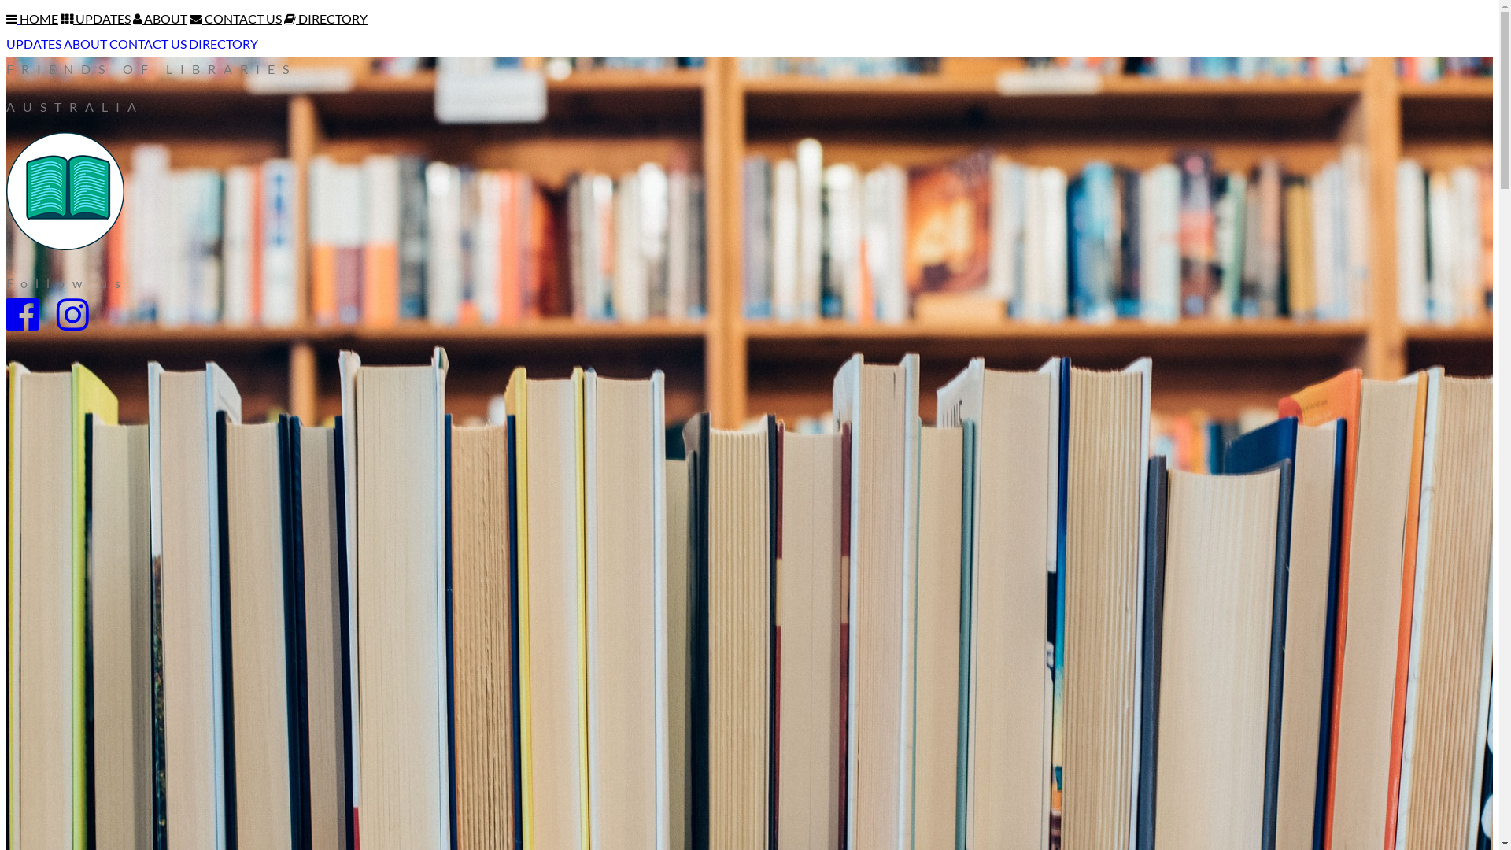 The width and height of the screenshot is (1511, 850). What do you see at coordinates (13, 18) in the screenshot?
I see `'Toggle Navigation Menu'` at bounding box center [13, 18].